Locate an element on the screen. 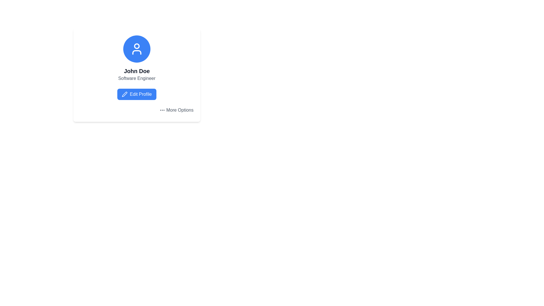  the ellipsis icon located at the bottom-right corner of the user profile details card, which is part of the 'More Options' button is located at coordinates (162, 110).